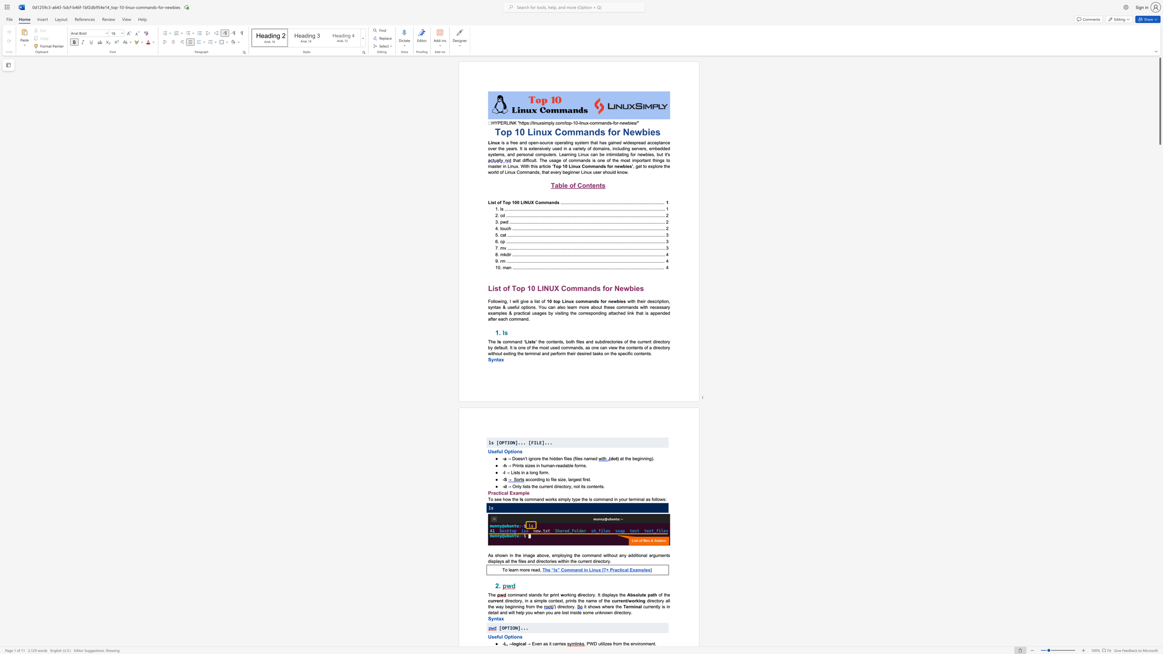  What do you see at coordinates (626, 600) in the screenshot?
I see `the 1th character "t" in the text` at bounding box center [626, 600].